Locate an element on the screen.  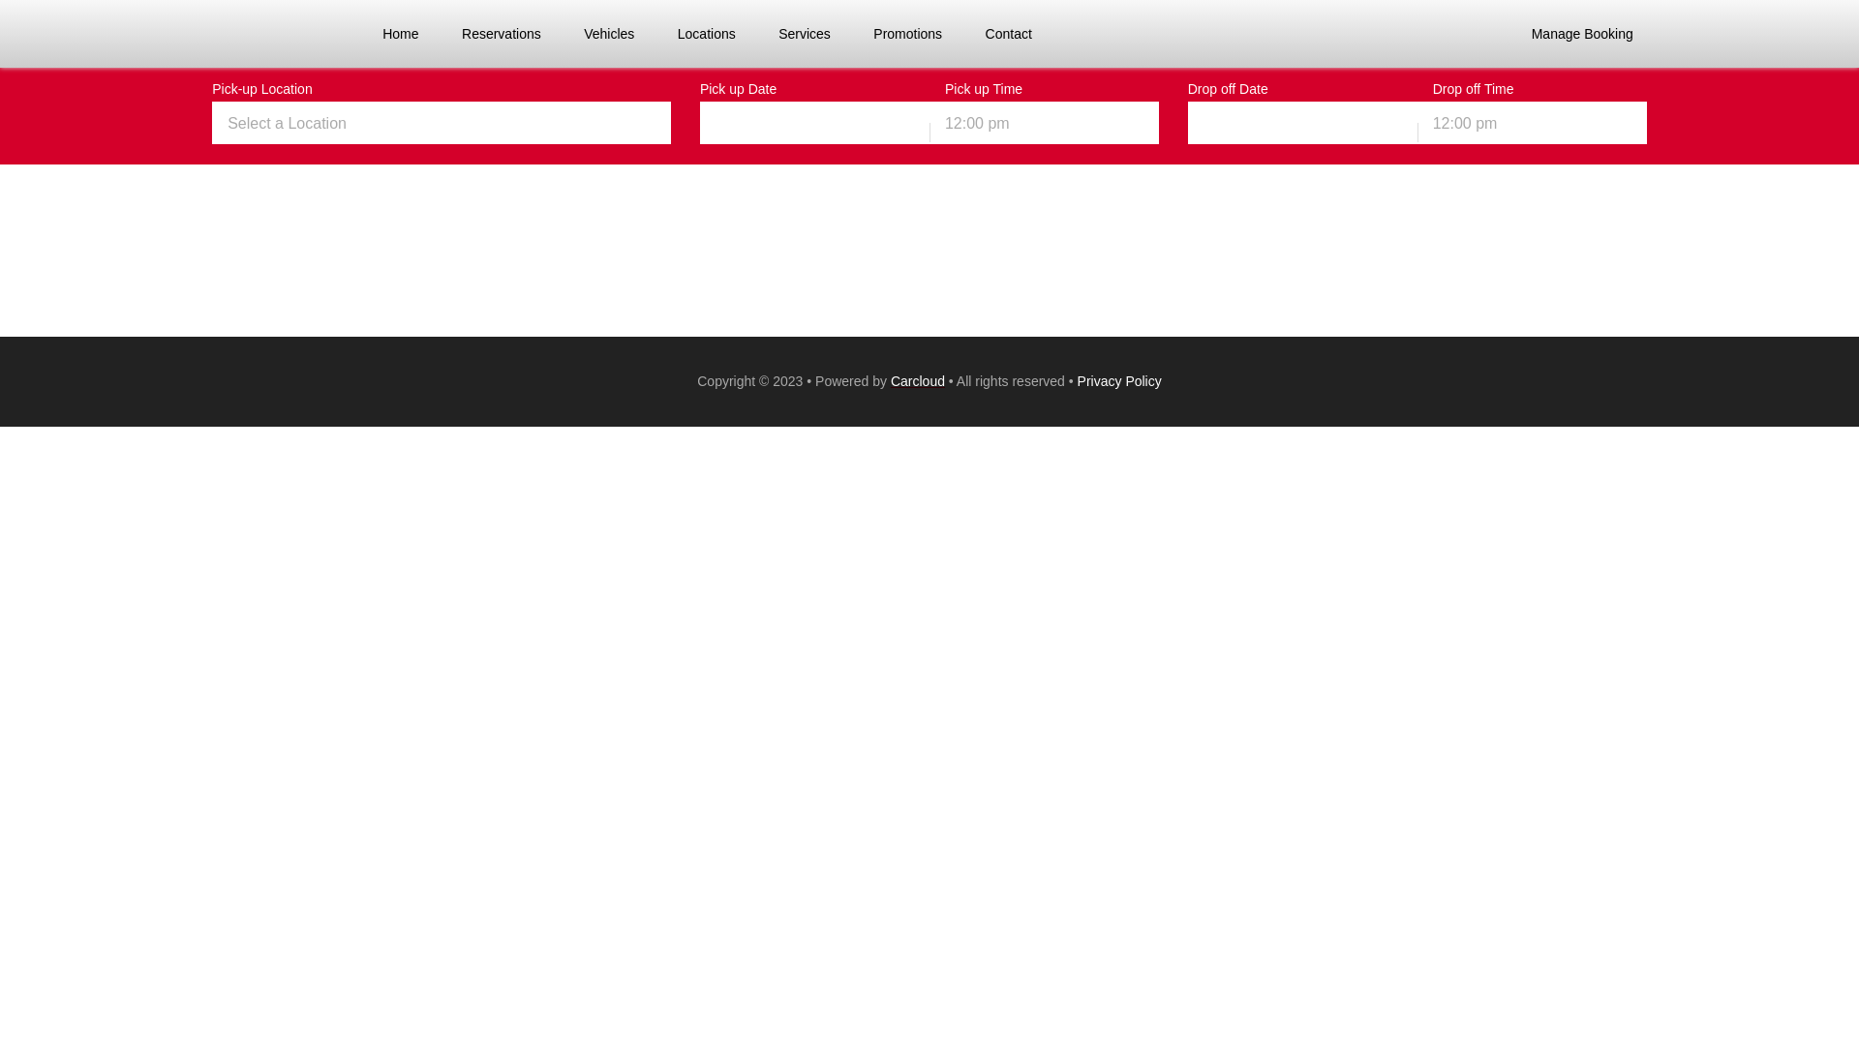
'Carcloud' is located at coordinates (917, 380).